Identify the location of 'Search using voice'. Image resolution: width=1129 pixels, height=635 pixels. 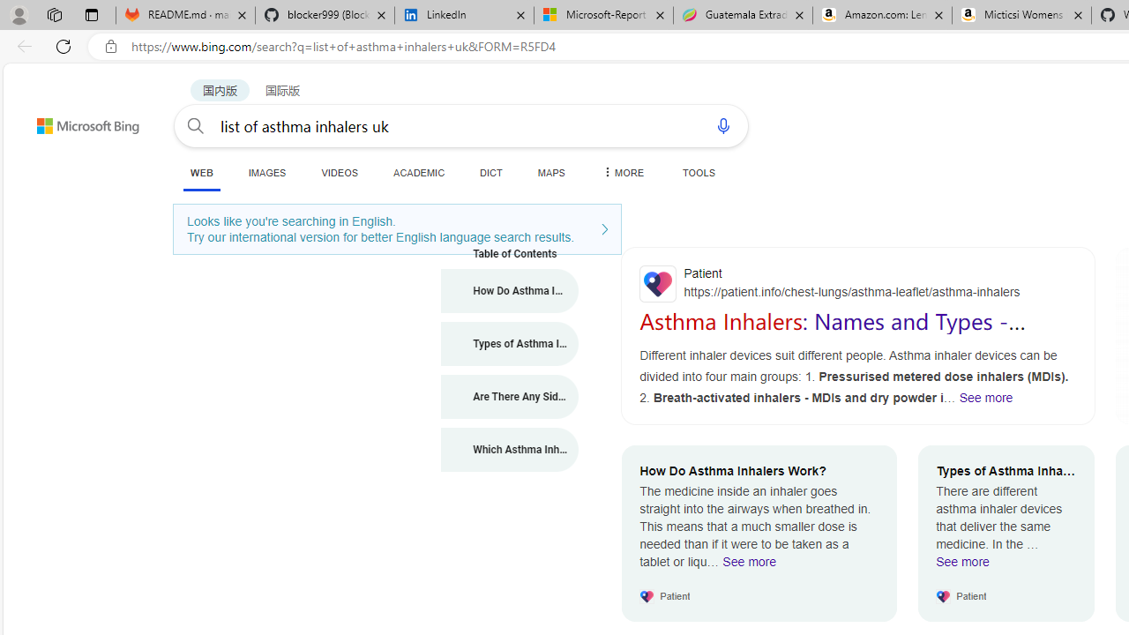
(723, 124).